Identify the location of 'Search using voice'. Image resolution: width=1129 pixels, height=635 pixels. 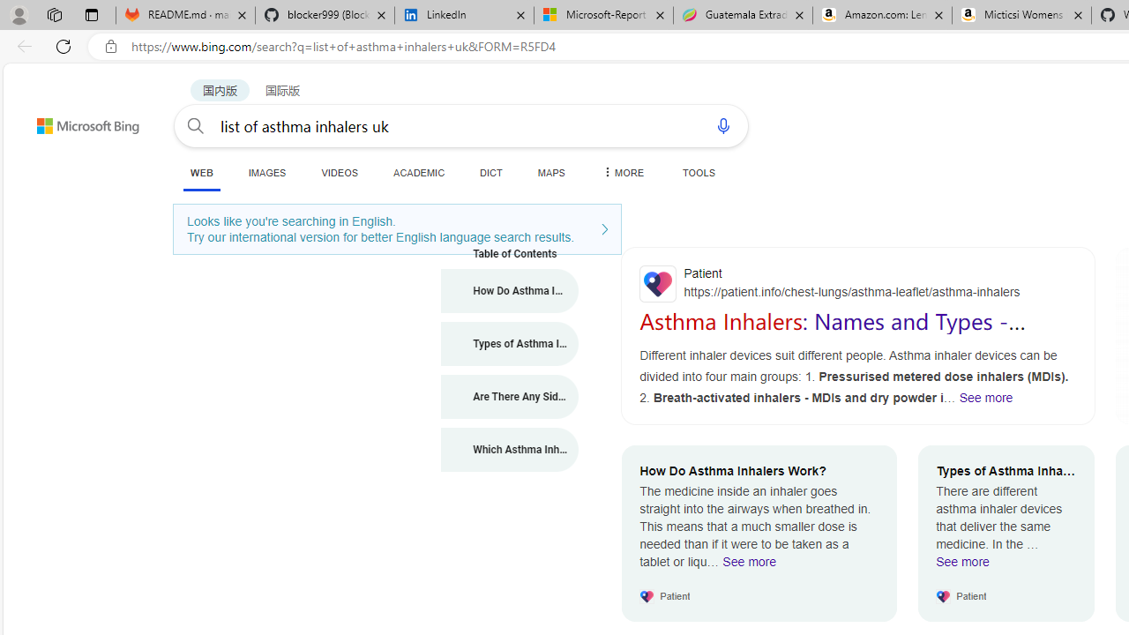
(723, 124).